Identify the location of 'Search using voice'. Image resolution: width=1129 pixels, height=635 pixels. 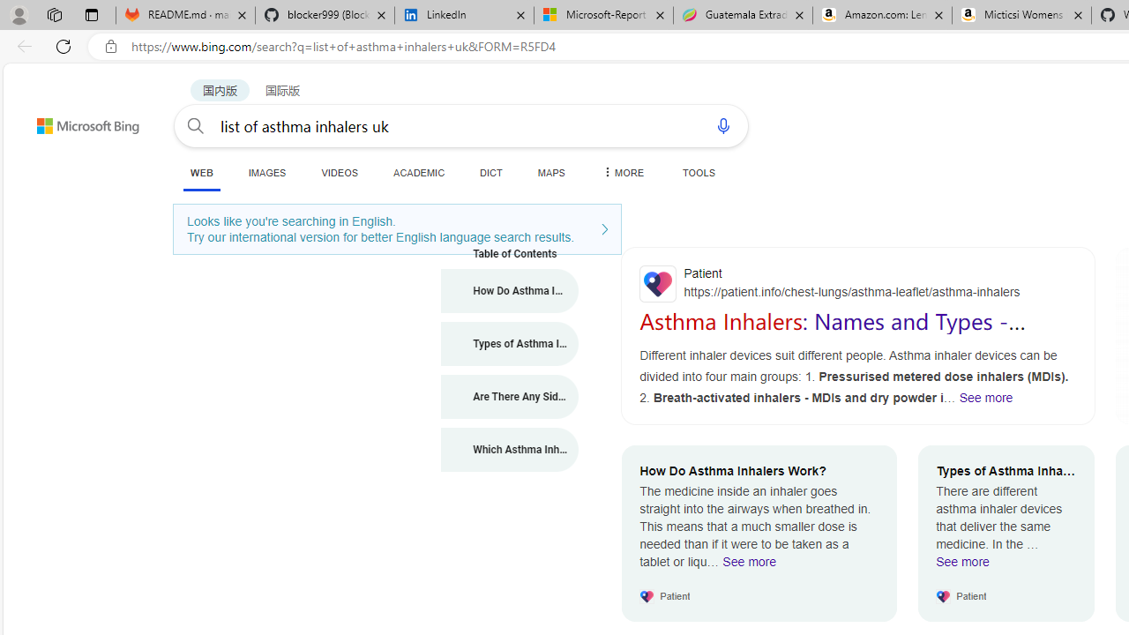
(723, 124).